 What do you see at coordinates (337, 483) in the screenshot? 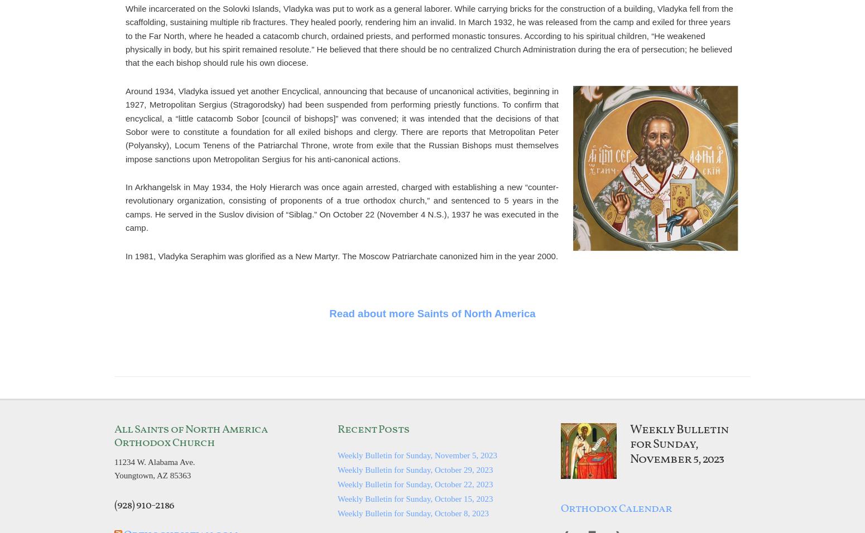
I see `'Weekly Bulletin for Sunday, October 22, 2023'` at bounding box center [337, 483].